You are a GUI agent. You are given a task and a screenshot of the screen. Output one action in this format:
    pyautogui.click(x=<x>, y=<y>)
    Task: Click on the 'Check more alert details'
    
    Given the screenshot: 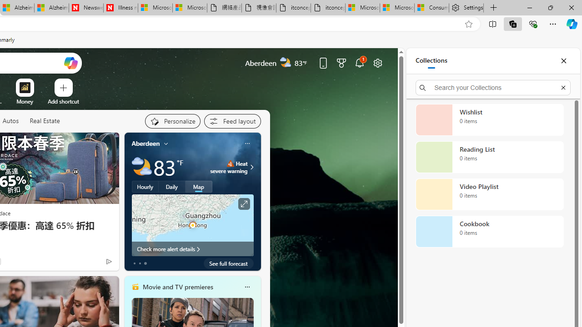 What is the action you would take?
    pyautogui.click(x=192, y=248)
    